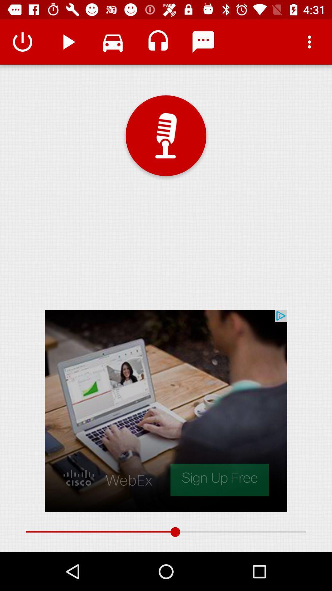 The width and height of the screenshot is (332, 591). Describe the element at coordinates (113, 42) in the screenshot. I see `the chat icon` at that location.